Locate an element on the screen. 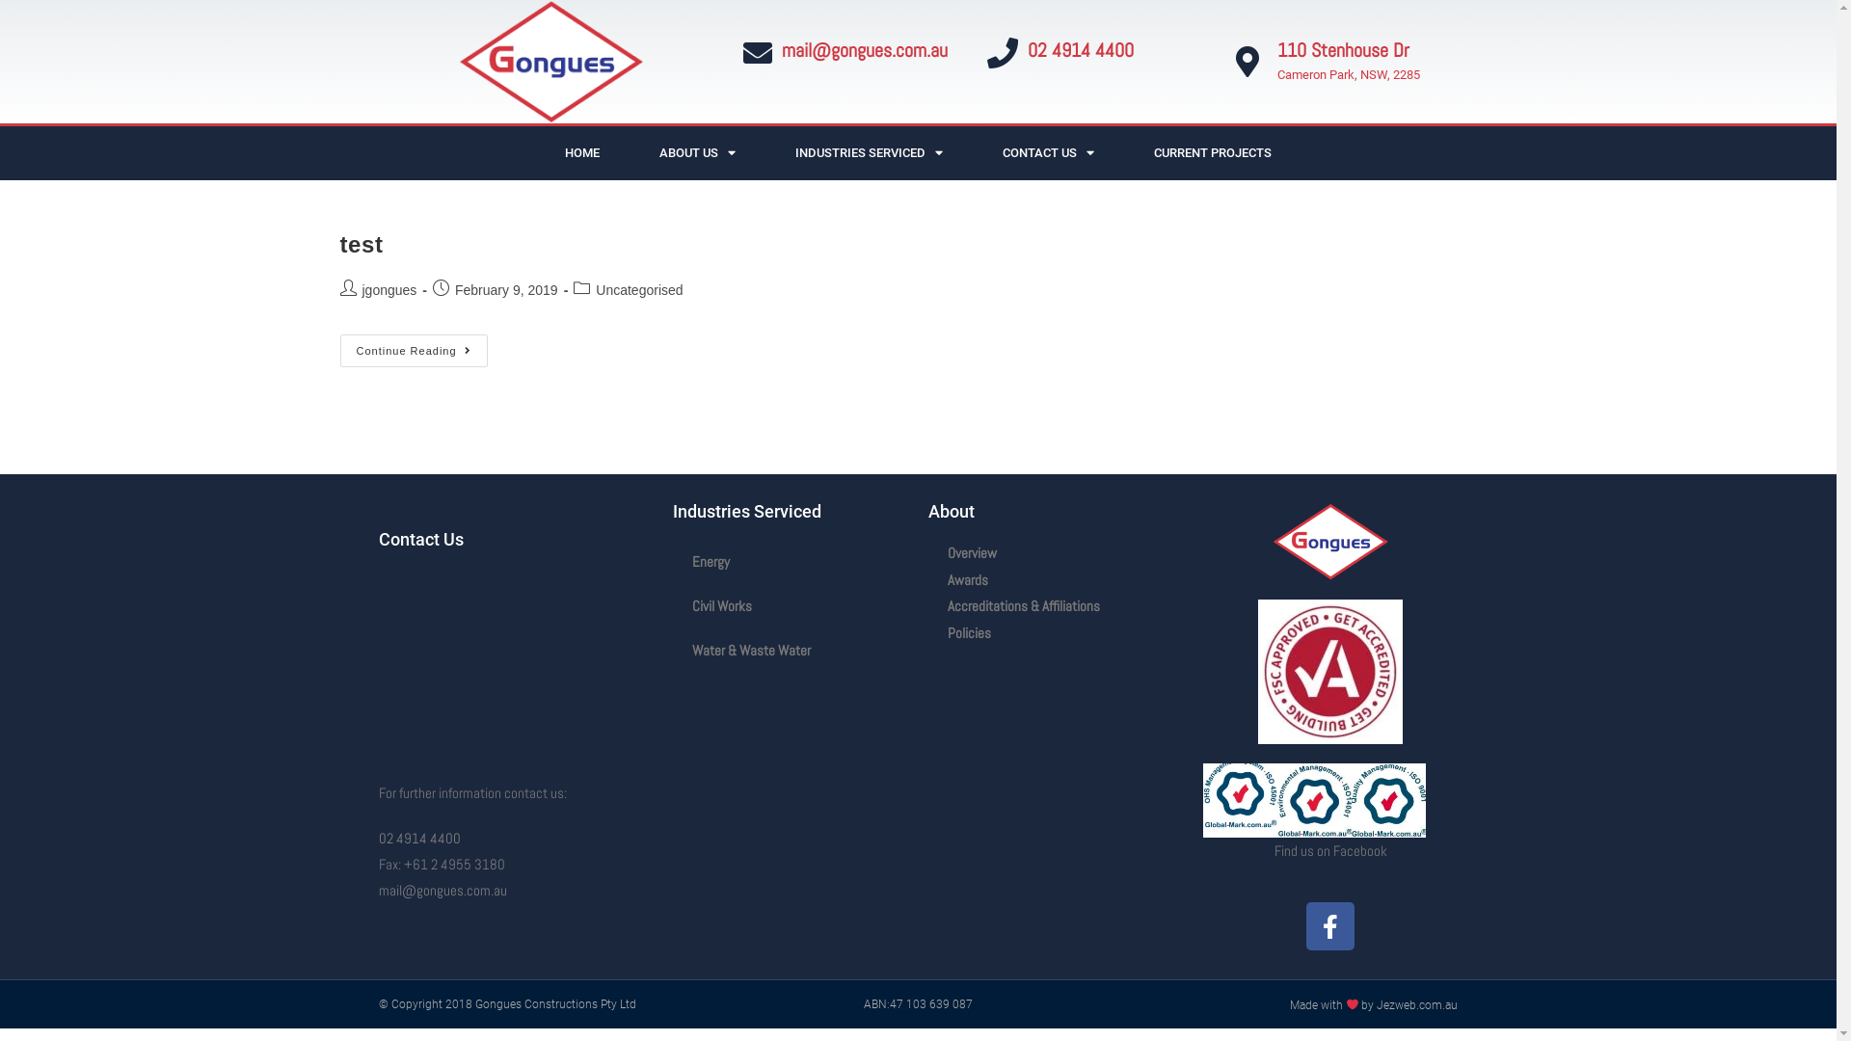  'INDUSTRIES SERVICED' is located at coordinates (868, 151).